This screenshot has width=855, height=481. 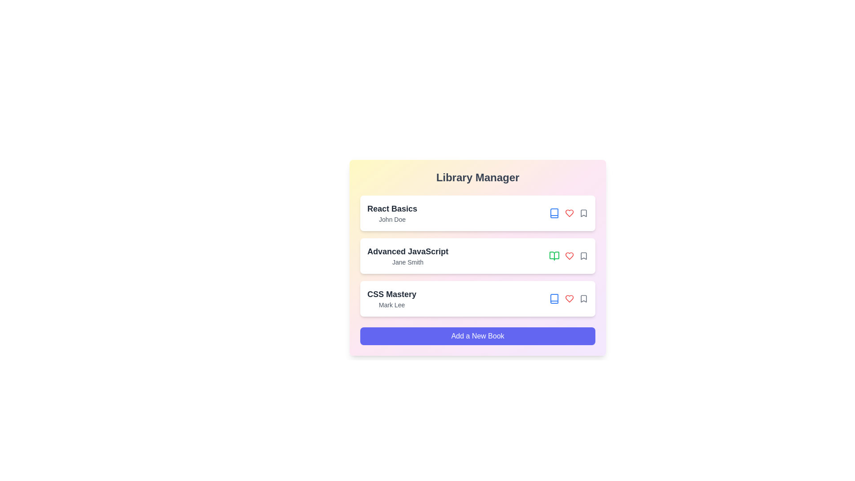 What do you see at coordinates (367, 203) in the screenshot?
I see `the book title to view its details` at bounding box center [367, 203].